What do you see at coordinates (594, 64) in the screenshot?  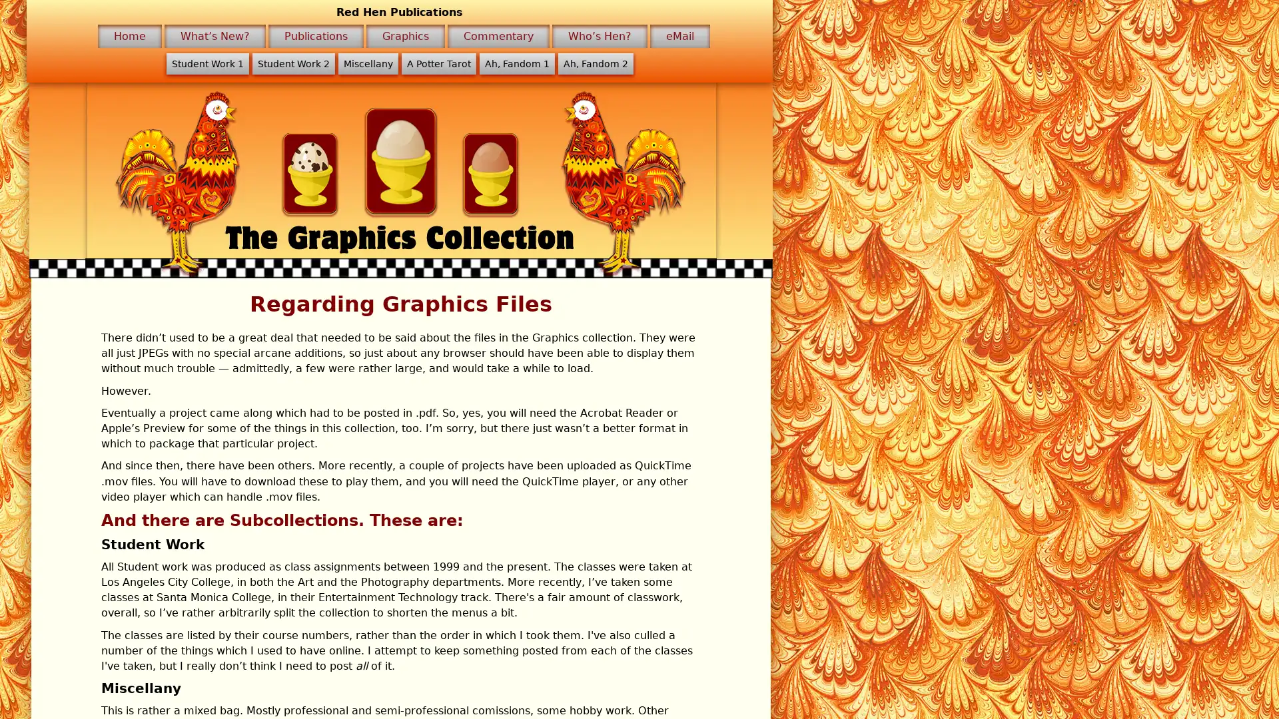 I see `Ah, Fandom 2` at bounding box center [594, 64].